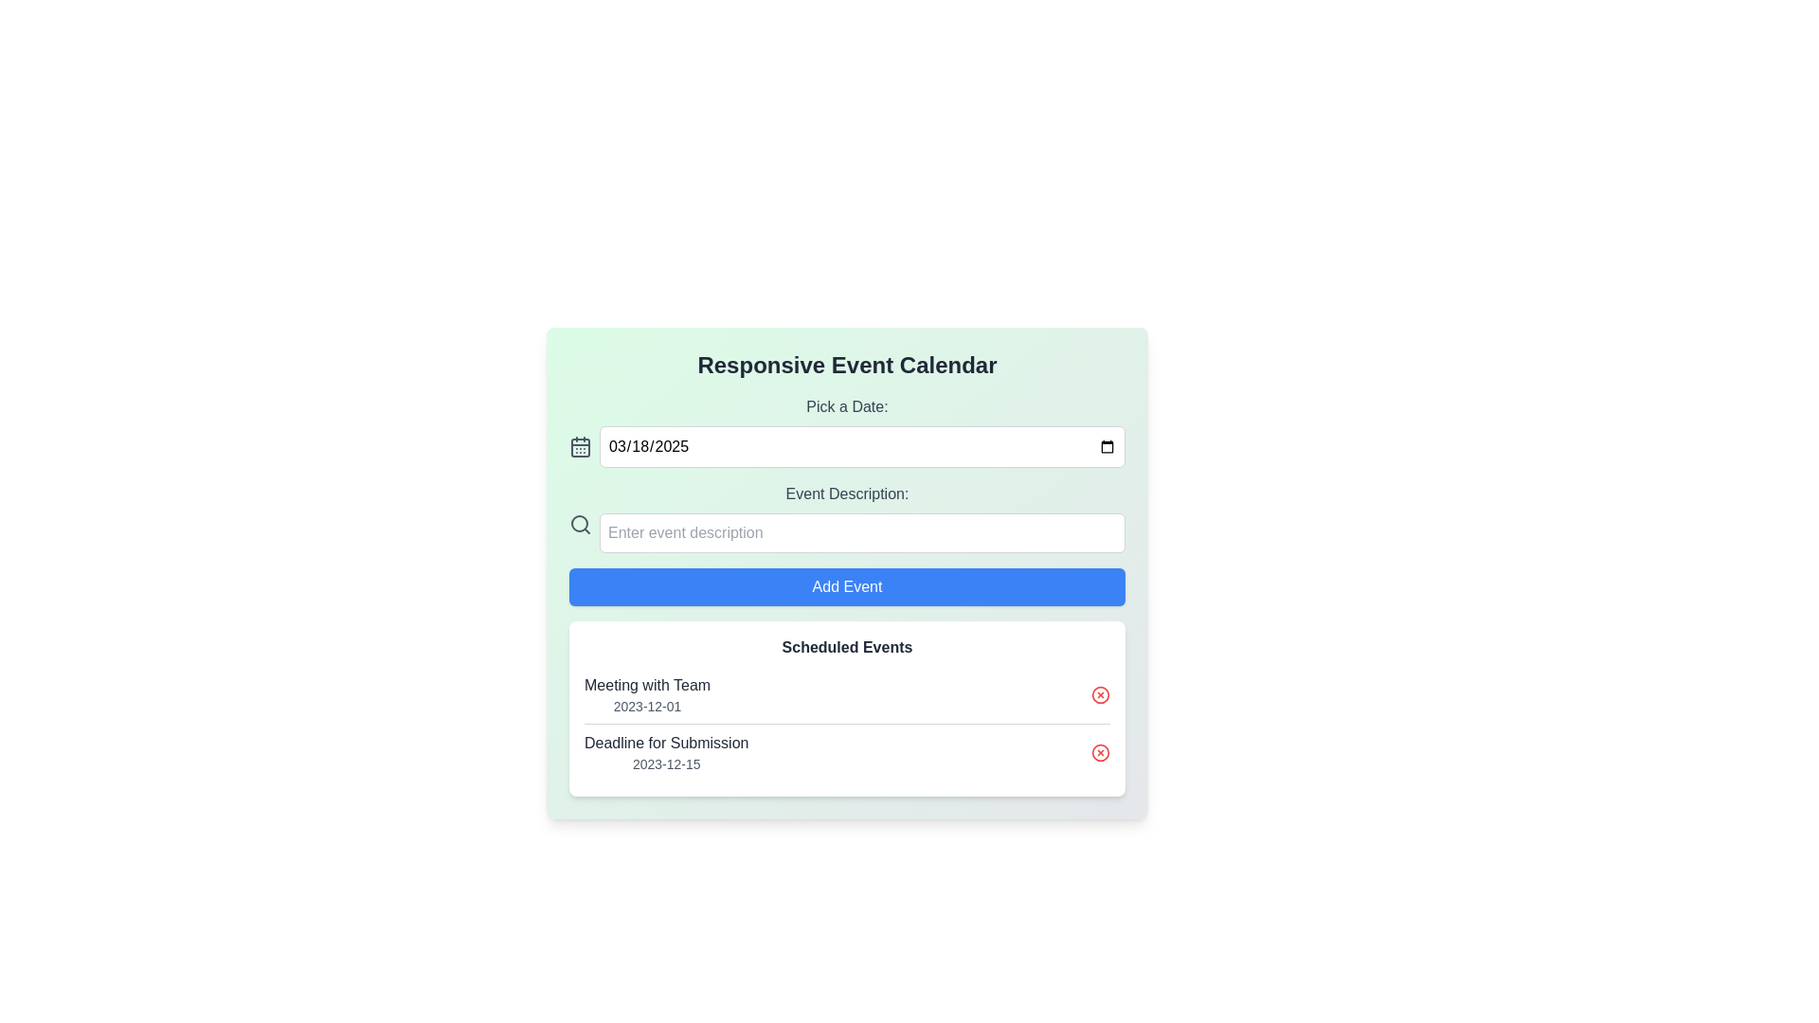 The image size is (1819, 1023). Describe the element at coordinates (1100, 694) in the screenshot. I see `the delete button aligned with the scheduled event 'Meeting with Team'` at that location.